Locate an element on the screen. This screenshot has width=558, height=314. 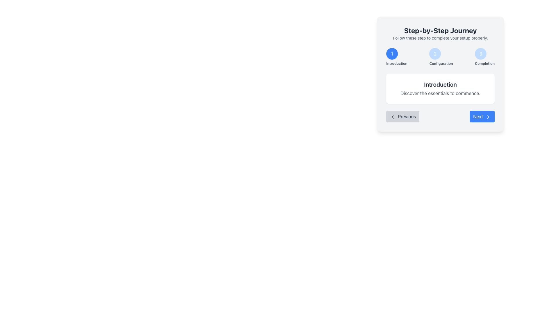
the center of the left-pointing chevron icon inside the 'Previous' button located at the bottom-left of the dialog box is located at coordinates (392, 117).